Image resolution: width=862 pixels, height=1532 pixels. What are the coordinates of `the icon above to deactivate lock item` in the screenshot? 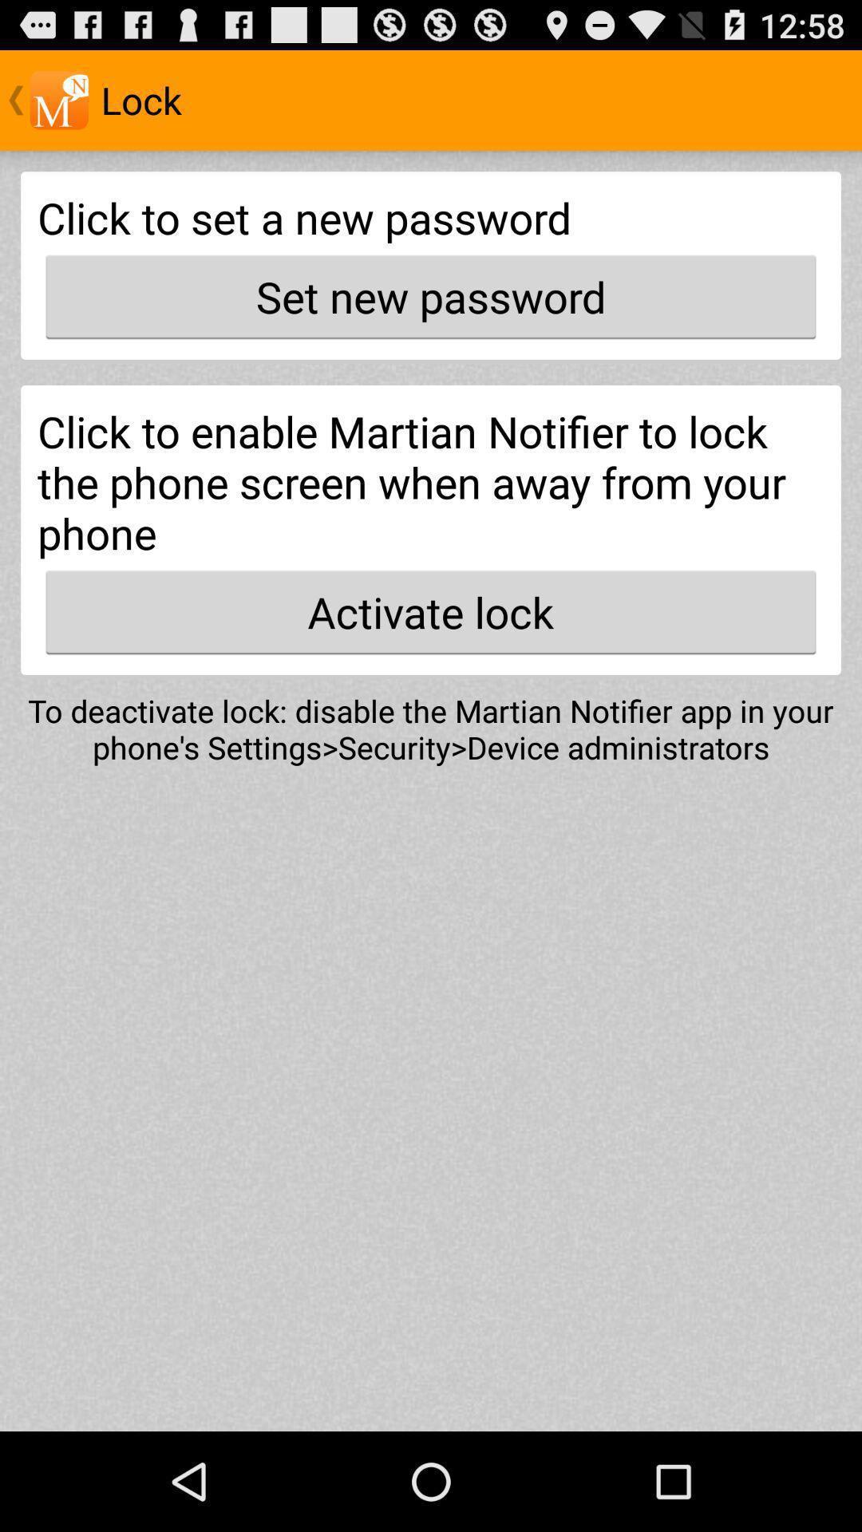 It's located at (431, 611).